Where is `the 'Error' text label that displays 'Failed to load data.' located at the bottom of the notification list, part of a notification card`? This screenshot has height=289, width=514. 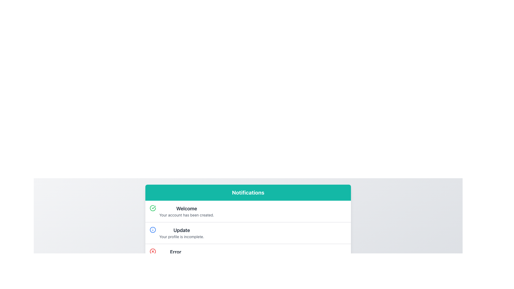
the 'Error' text label that displays 'Failed to load data.' located at the bottom of the notification list, part of a notification card is located at coordinates (176, 254).